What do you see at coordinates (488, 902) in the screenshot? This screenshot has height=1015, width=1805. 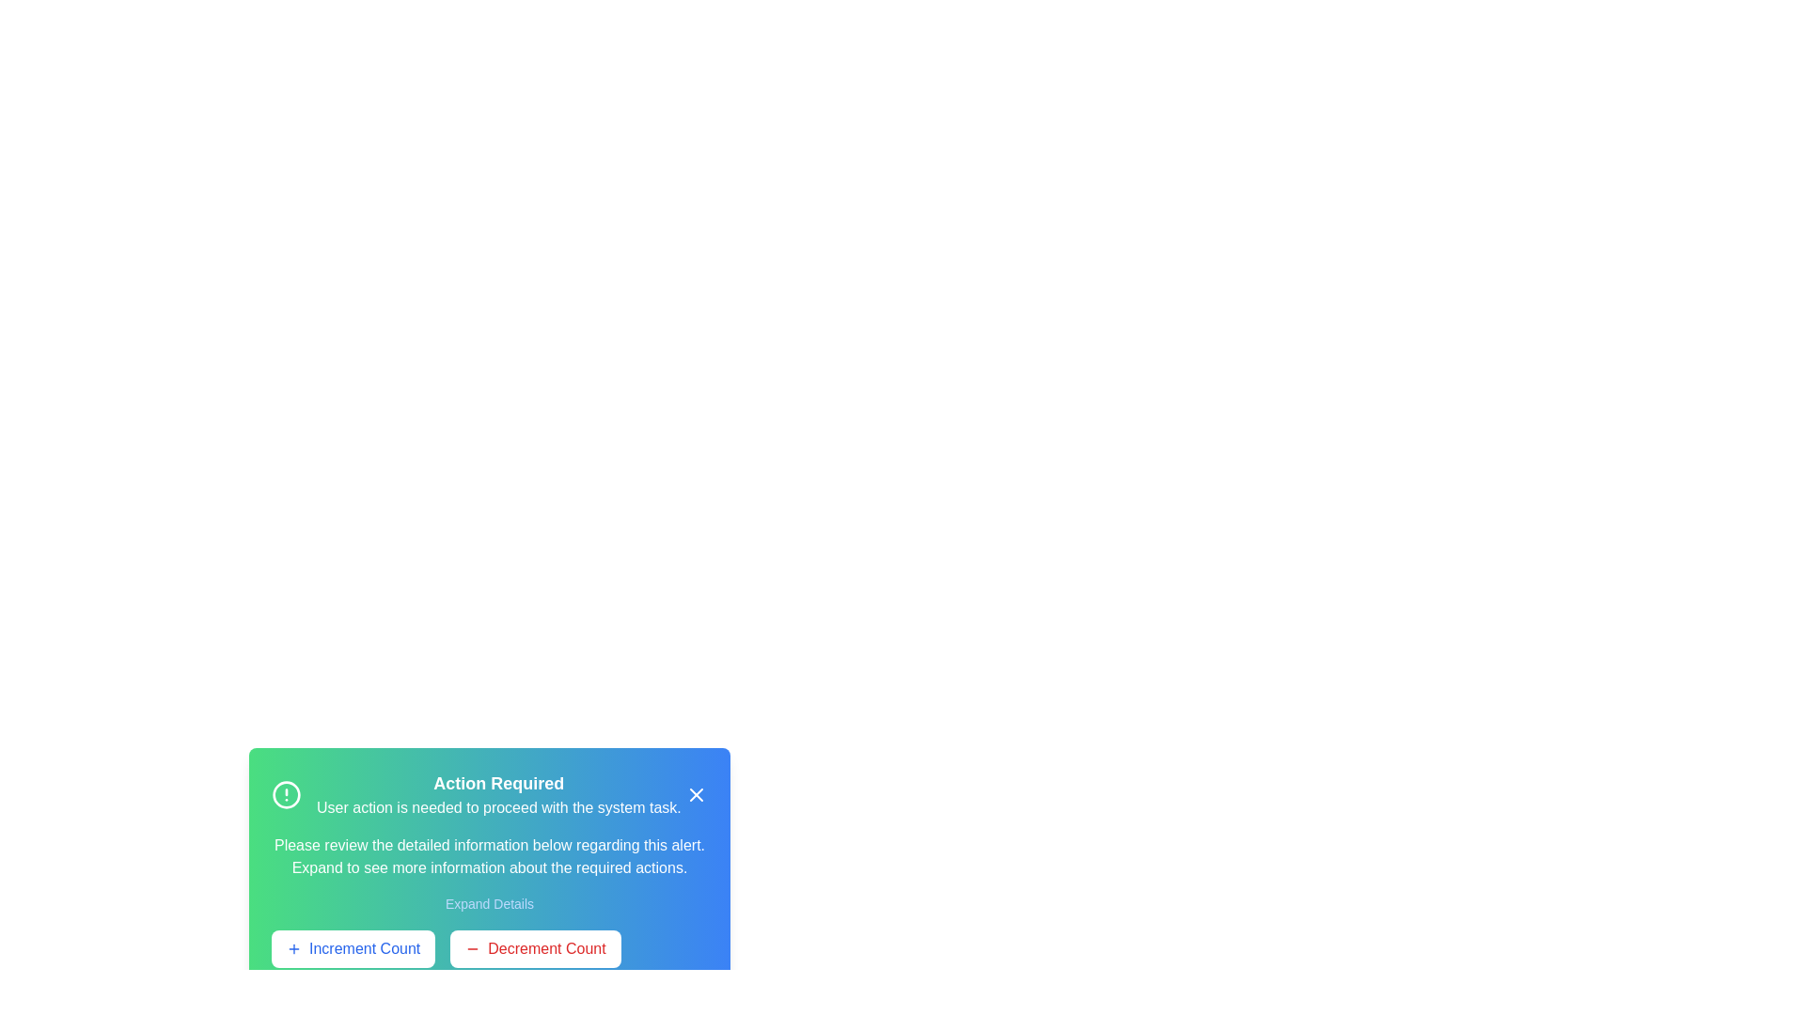 I see `the 'Expand Details' button to reveal the full alert details` at bounding box center [488, 902].